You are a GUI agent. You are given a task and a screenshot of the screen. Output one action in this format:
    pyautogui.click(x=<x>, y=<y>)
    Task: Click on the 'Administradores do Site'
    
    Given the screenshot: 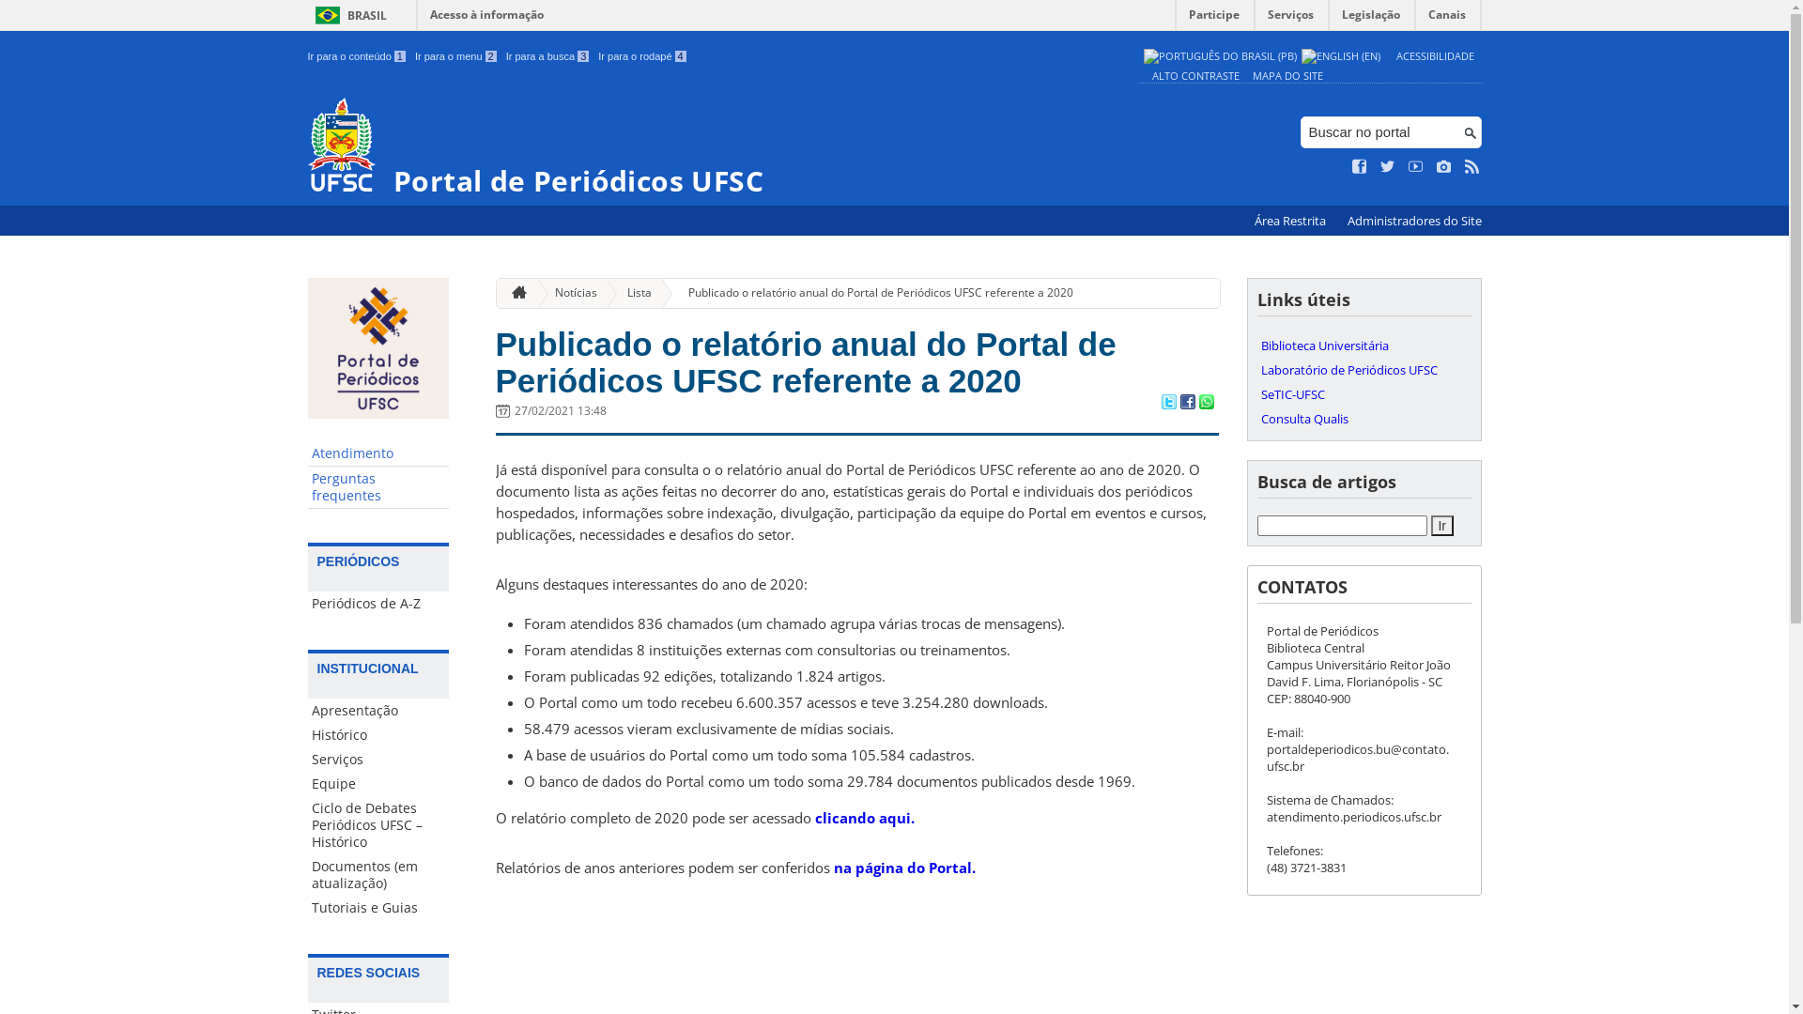 What is the action you would take?
    pyautogui.click(x=1413, y=220)
    